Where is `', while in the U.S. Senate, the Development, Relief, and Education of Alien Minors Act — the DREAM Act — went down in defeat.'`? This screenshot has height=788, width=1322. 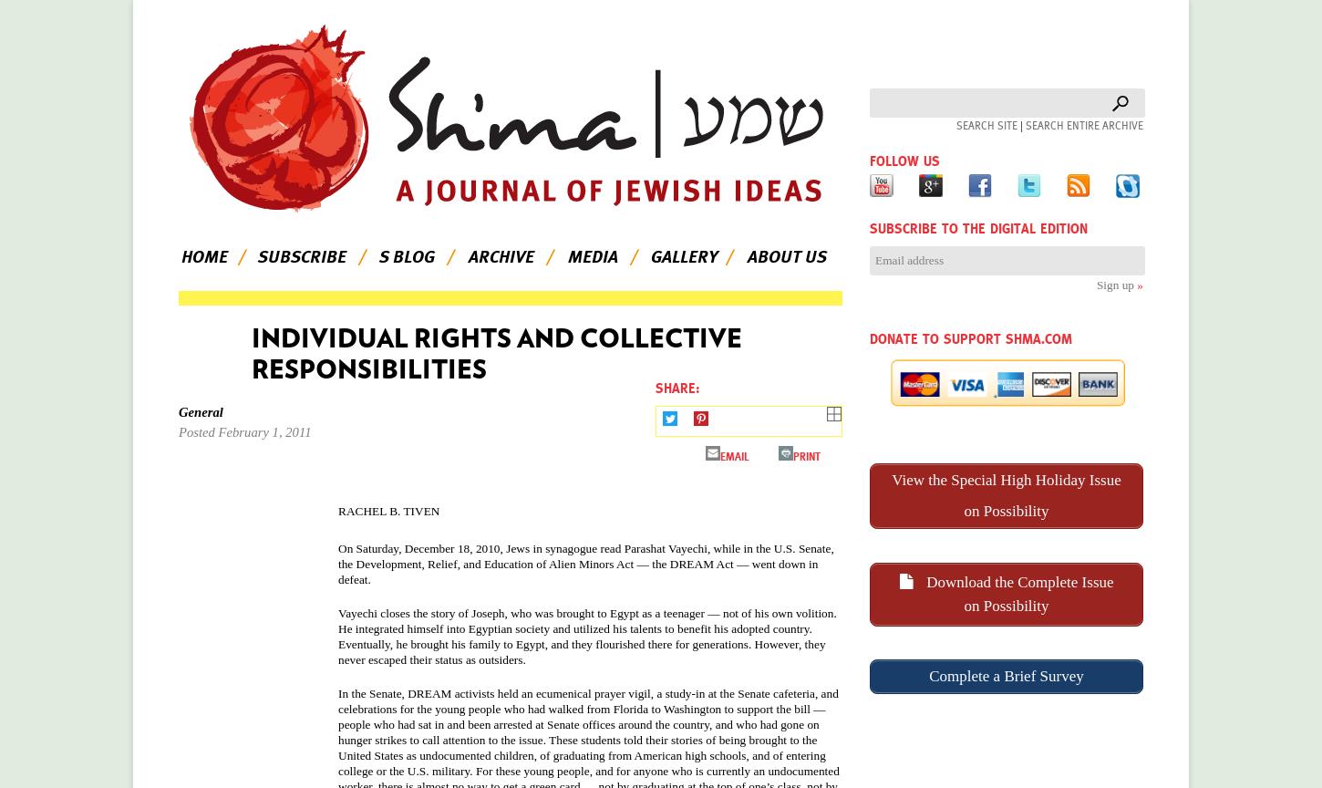 ', while in the U.S. Senate, the Development, Relief, and Education of Alien Minors Act — the DREAM Act — went down in defeat.' is located at coordinates (584, 562).